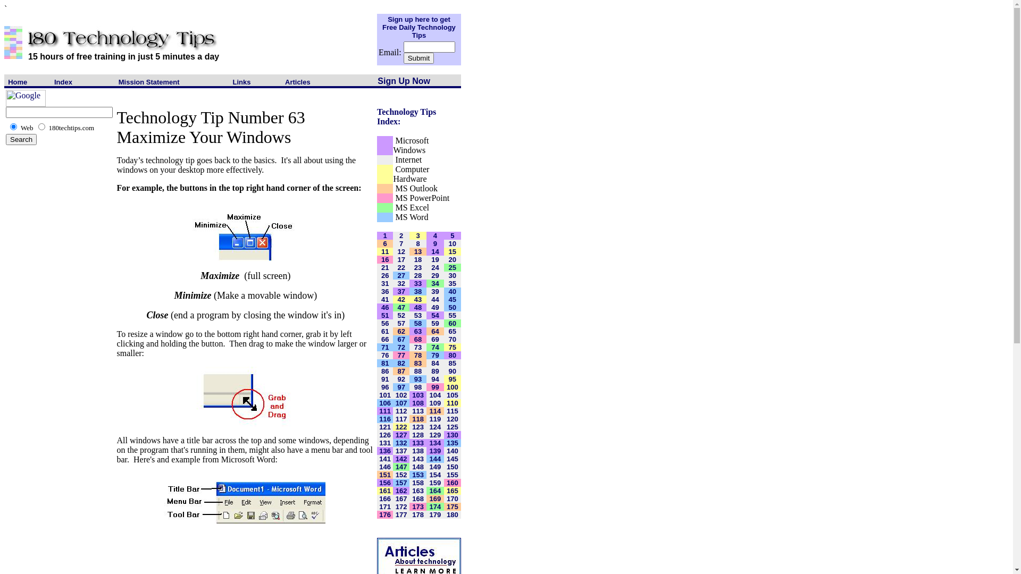 This screenshot has width=1021, height=574. What do you see at coordinates (384, 450) in the screenshot?
I see `'136'` at bounding box center [384, 450].